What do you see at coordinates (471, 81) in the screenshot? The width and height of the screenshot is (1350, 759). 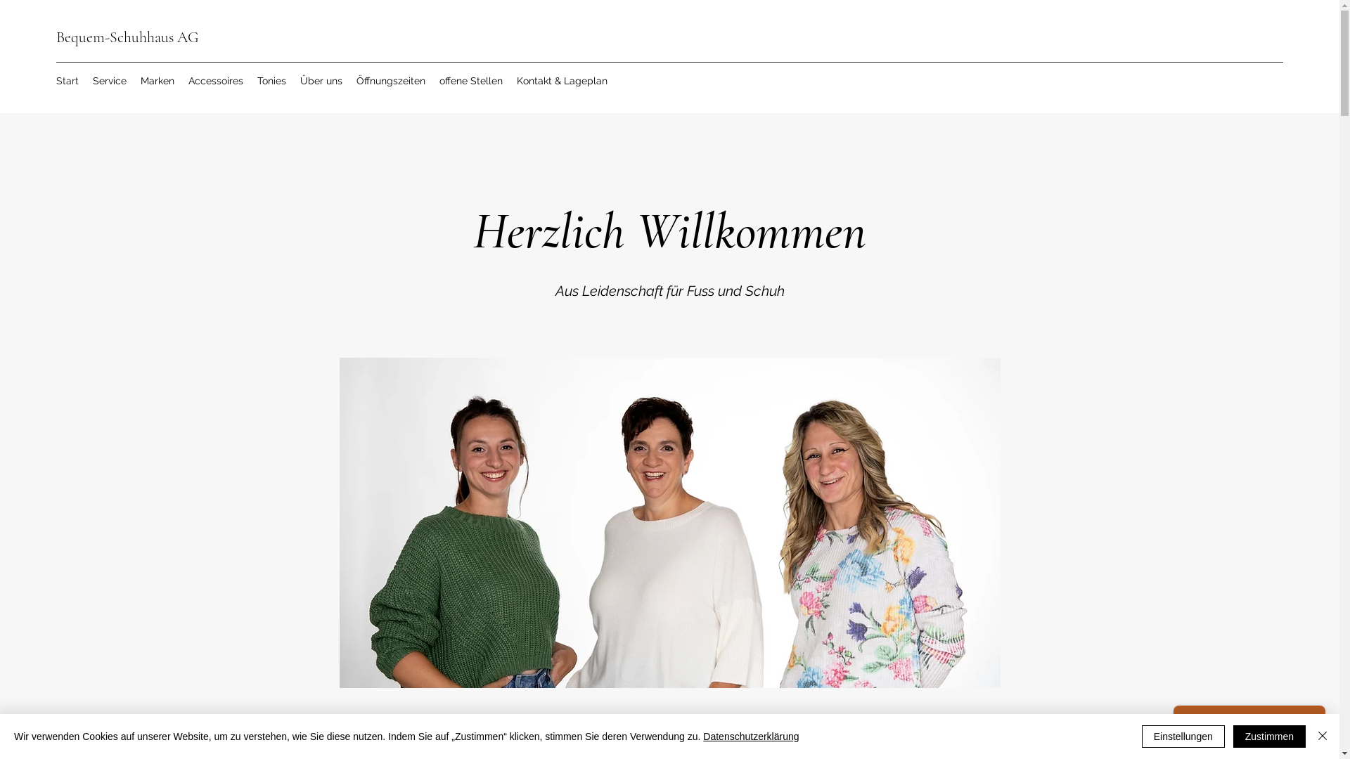 I see `'offene Stellen'` at bounding box center [471, 81].